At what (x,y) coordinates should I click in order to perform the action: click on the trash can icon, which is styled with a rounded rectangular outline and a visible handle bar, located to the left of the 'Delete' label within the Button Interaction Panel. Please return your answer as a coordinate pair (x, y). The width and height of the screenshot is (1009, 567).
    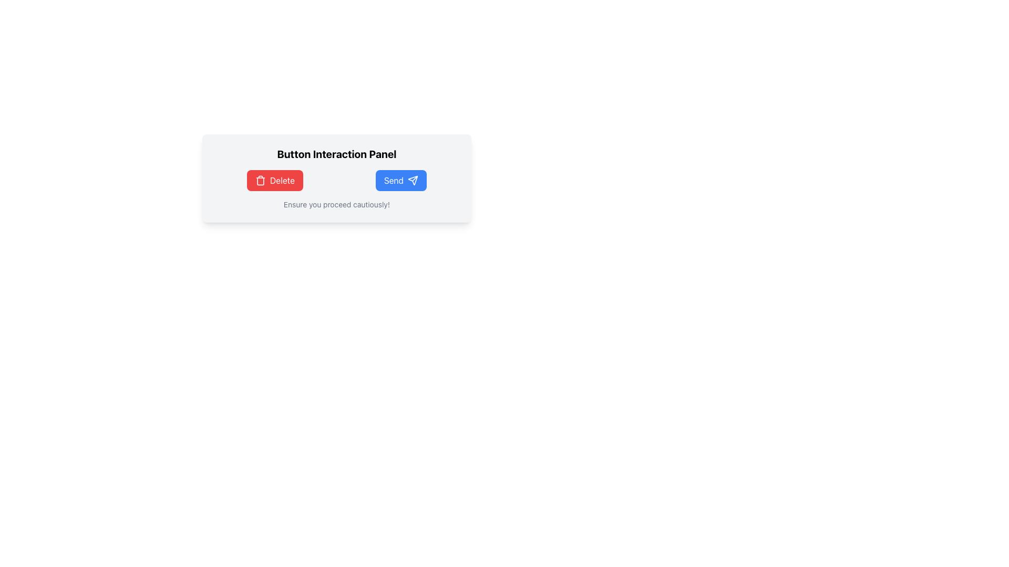
    Looking at the image, I should click on (260, 180).